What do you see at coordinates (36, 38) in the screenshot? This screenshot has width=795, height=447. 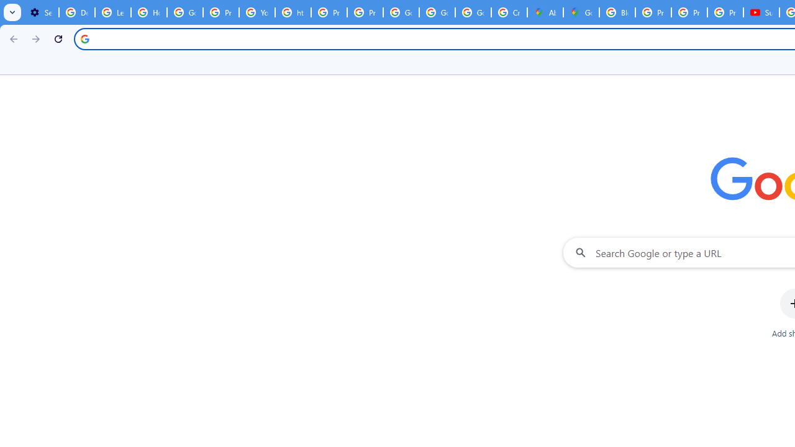 I see `'Forward'` at bounding box center [36, 38].